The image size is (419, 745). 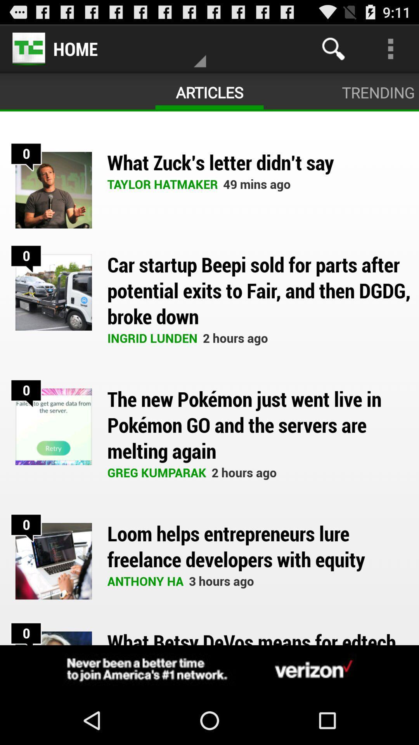 What do you see at coordinates (209, 670) in the screenshot?
I see `advancement` at bounding box center [209, 670].